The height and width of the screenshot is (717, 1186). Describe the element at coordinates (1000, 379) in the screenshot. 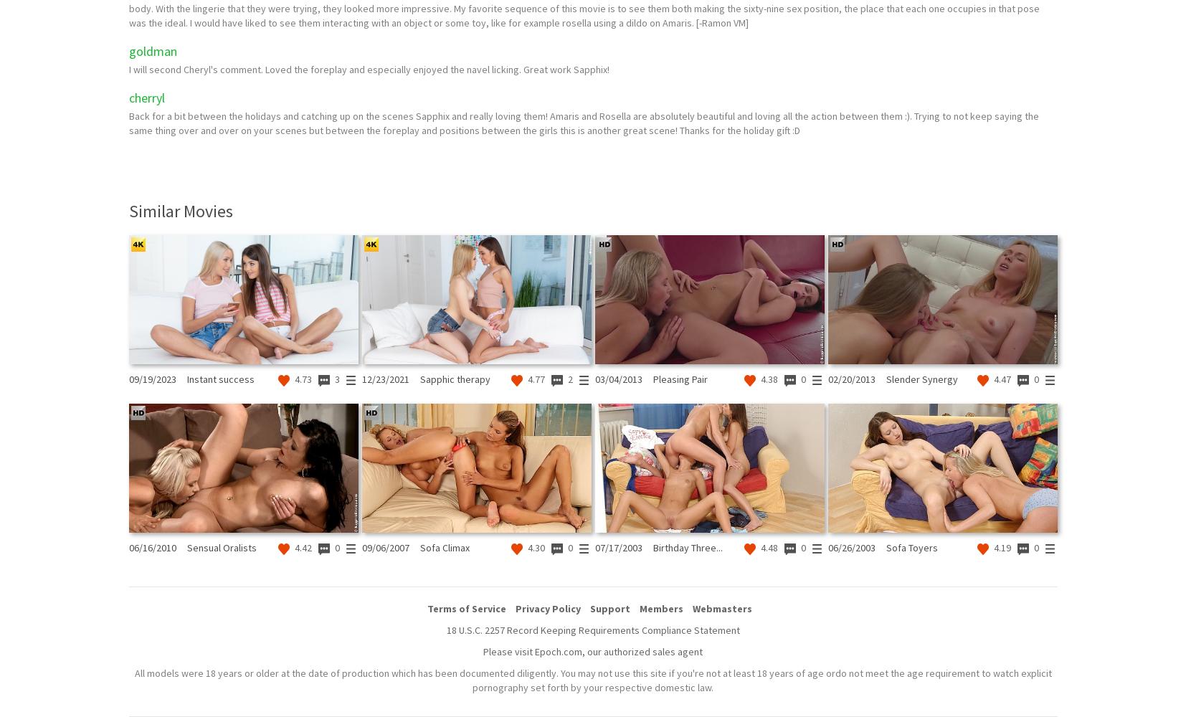

I see `'4.47'` at that location.